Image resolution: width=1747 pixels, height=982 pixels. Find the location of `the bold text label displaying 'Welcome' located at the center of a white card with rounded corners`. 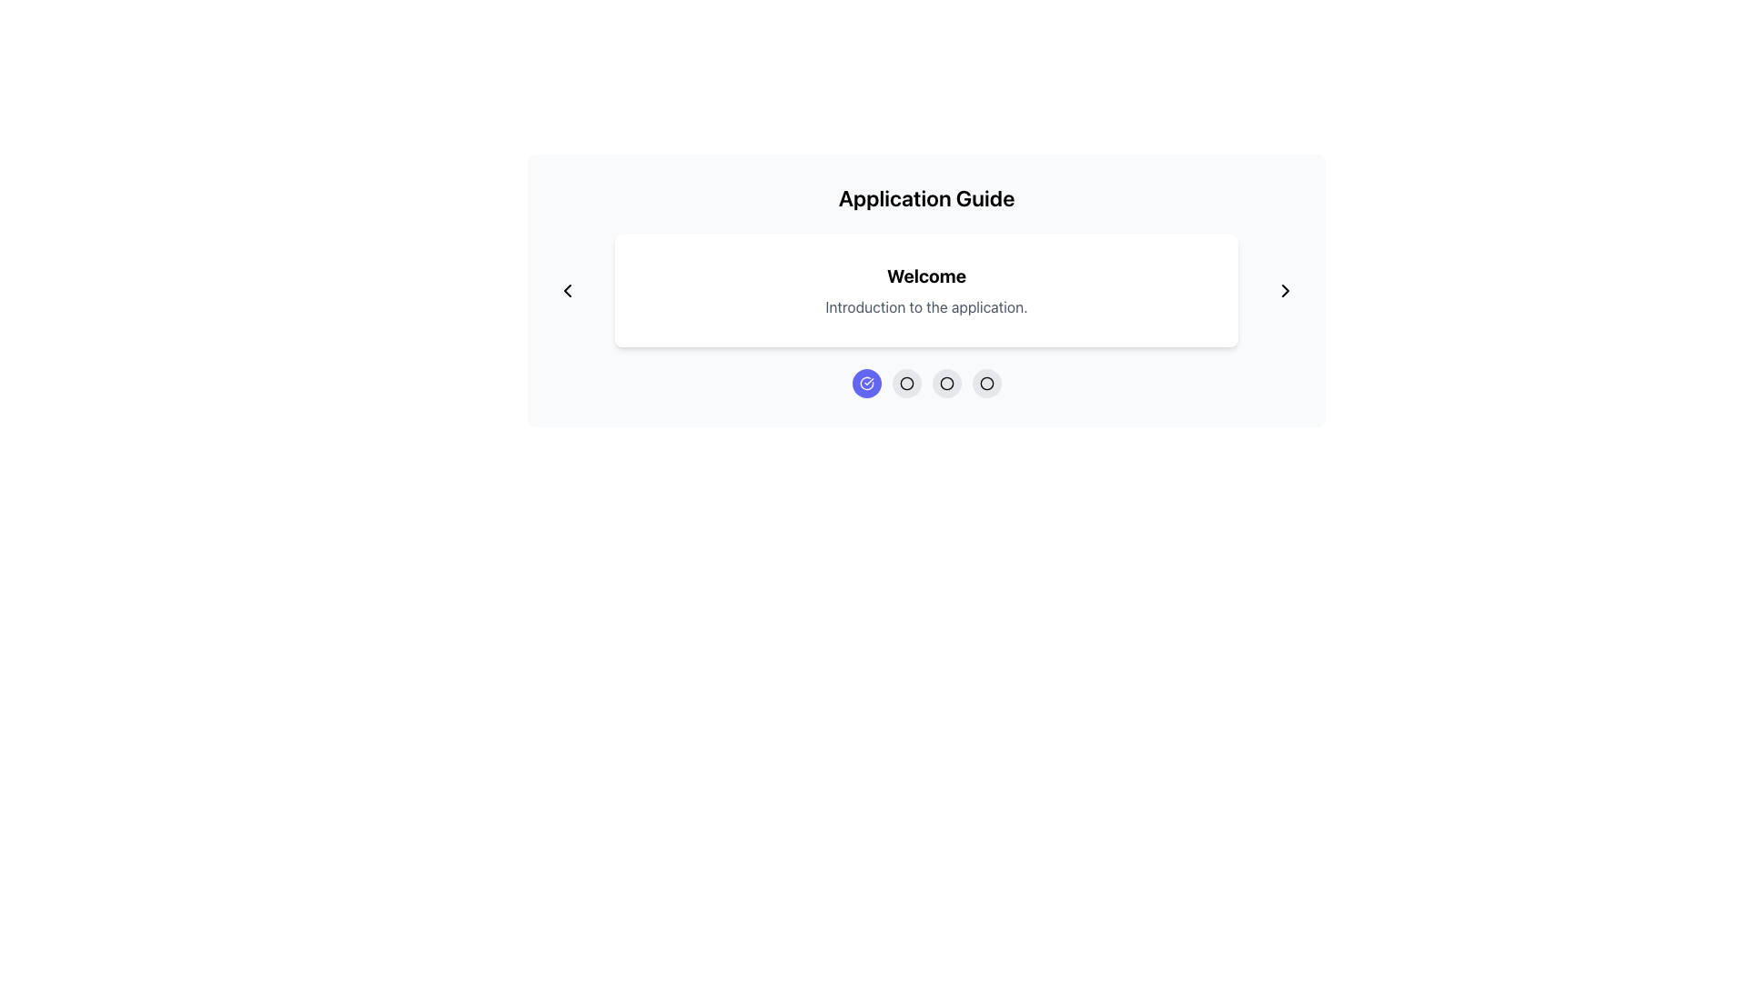

the bold text label displaying 'Welcome' located at the center of a white card with rounded corners is located at coordinates (926, 276).